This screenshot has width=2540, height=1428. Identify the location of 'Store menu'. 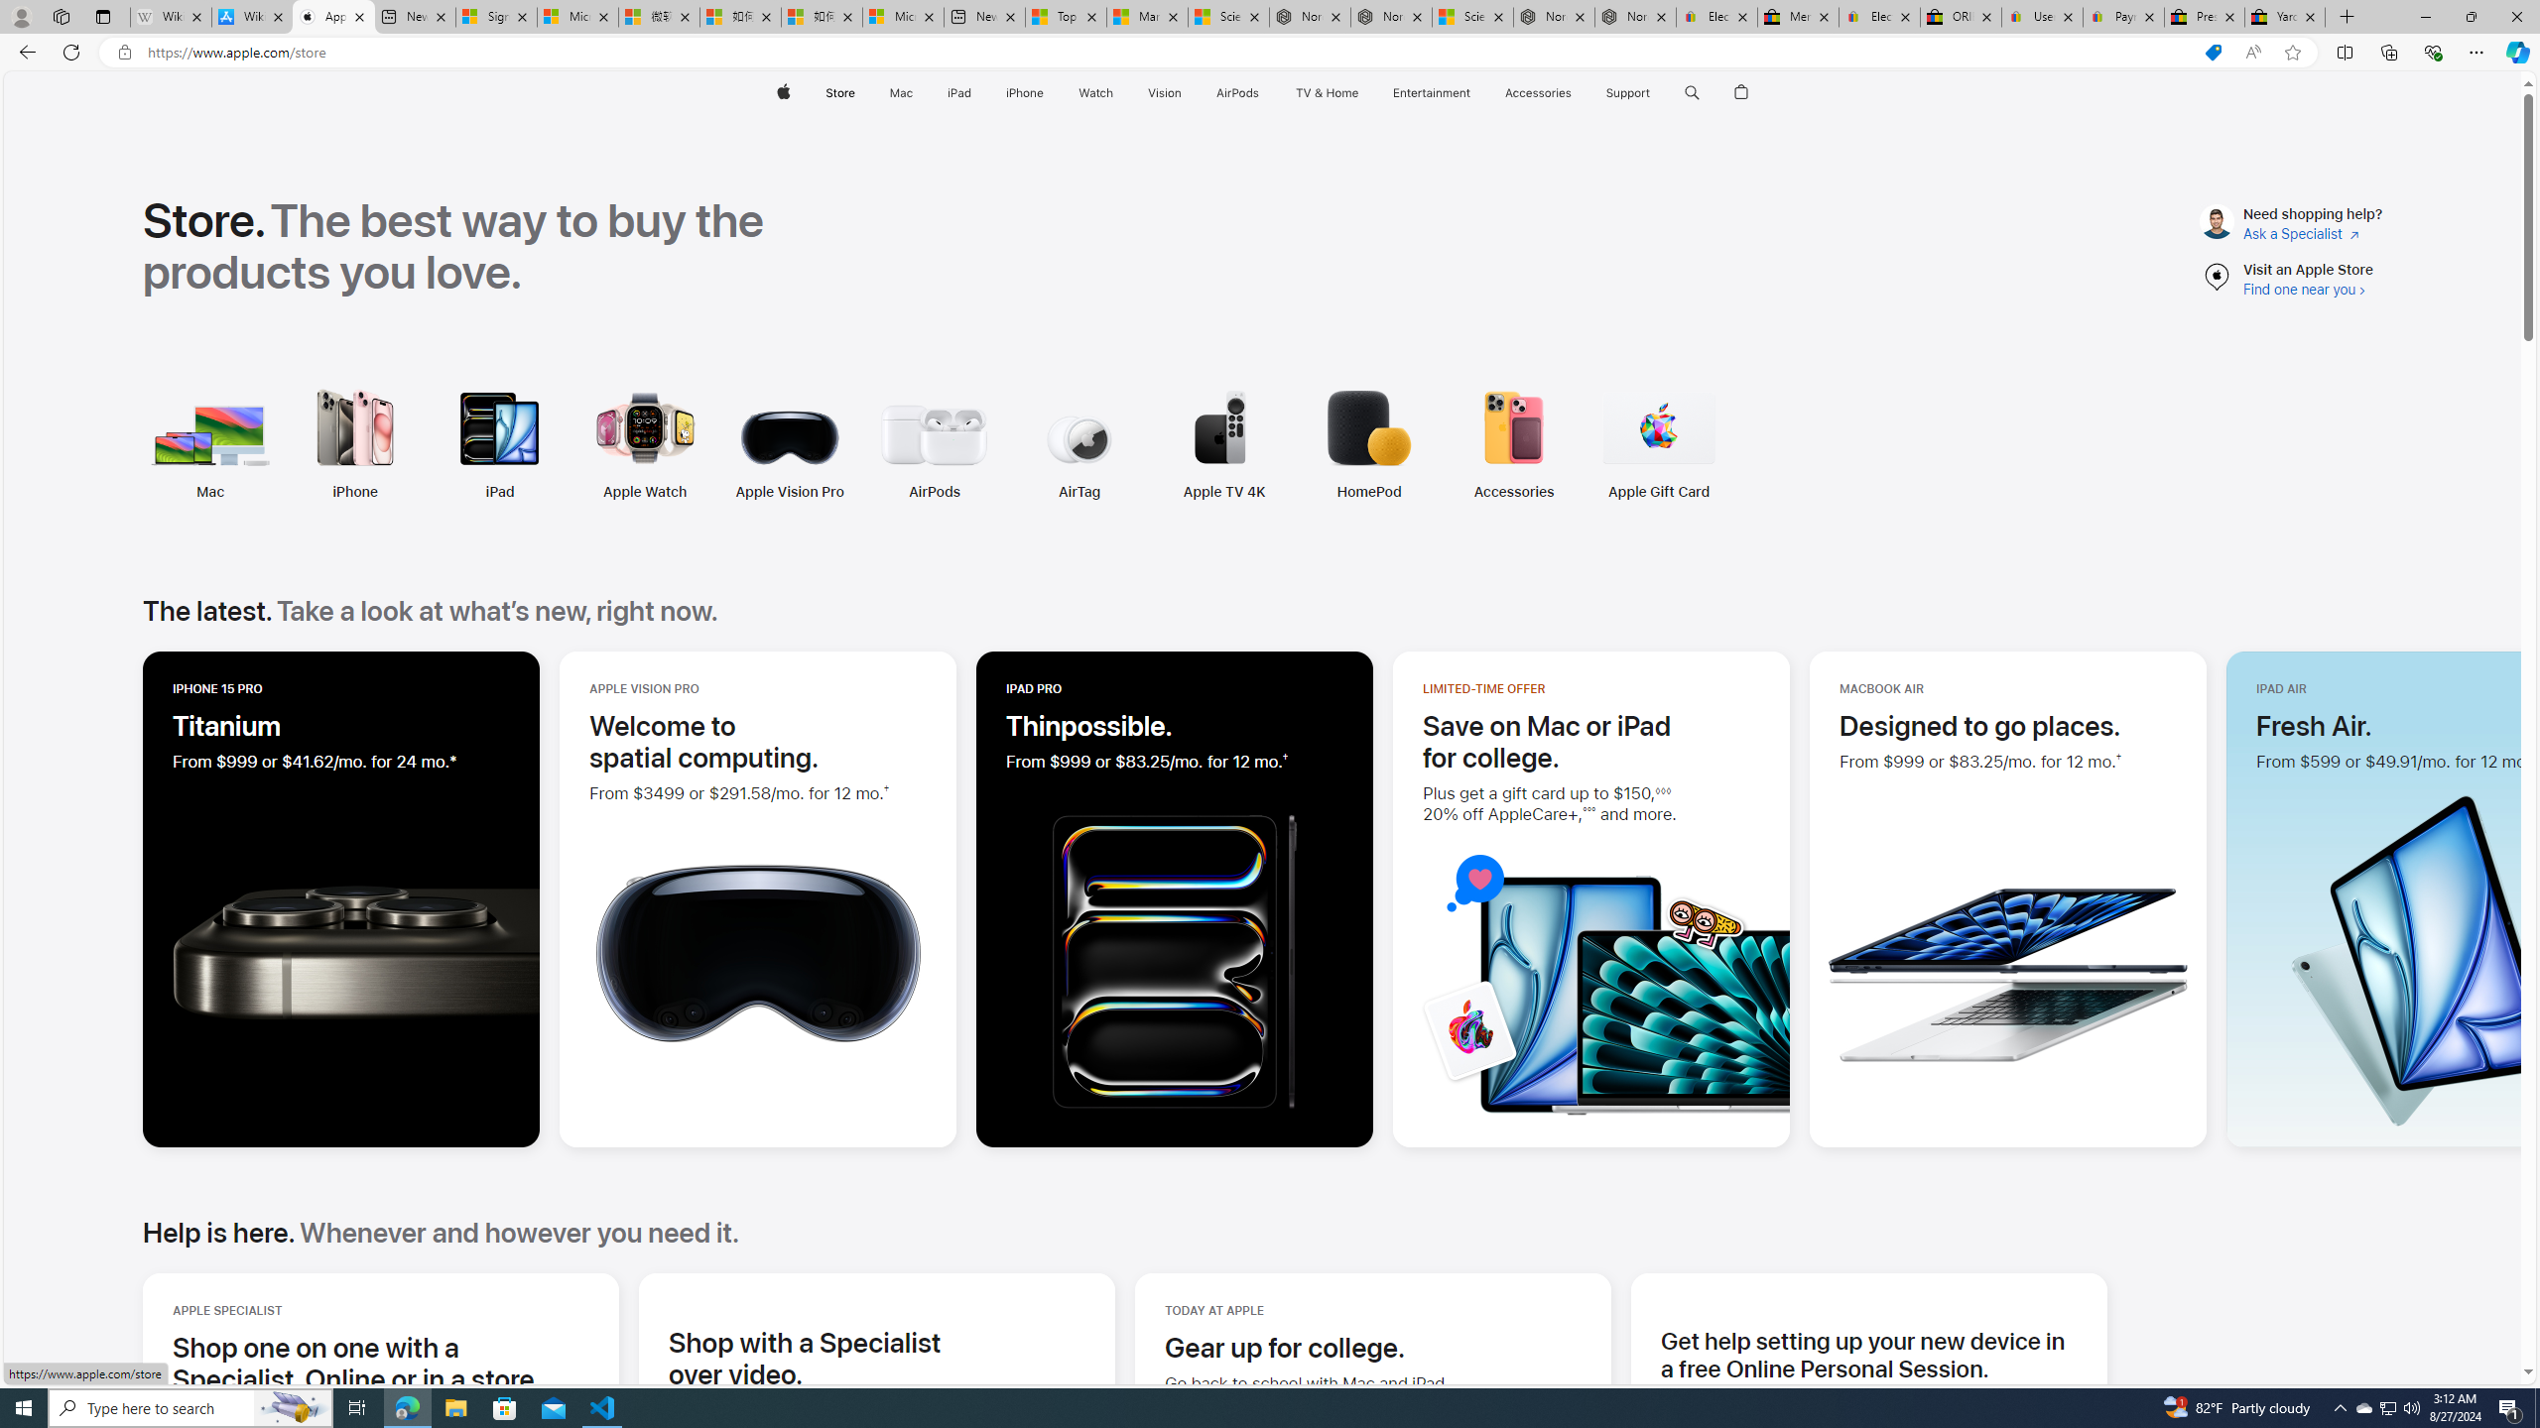
(858, 92).